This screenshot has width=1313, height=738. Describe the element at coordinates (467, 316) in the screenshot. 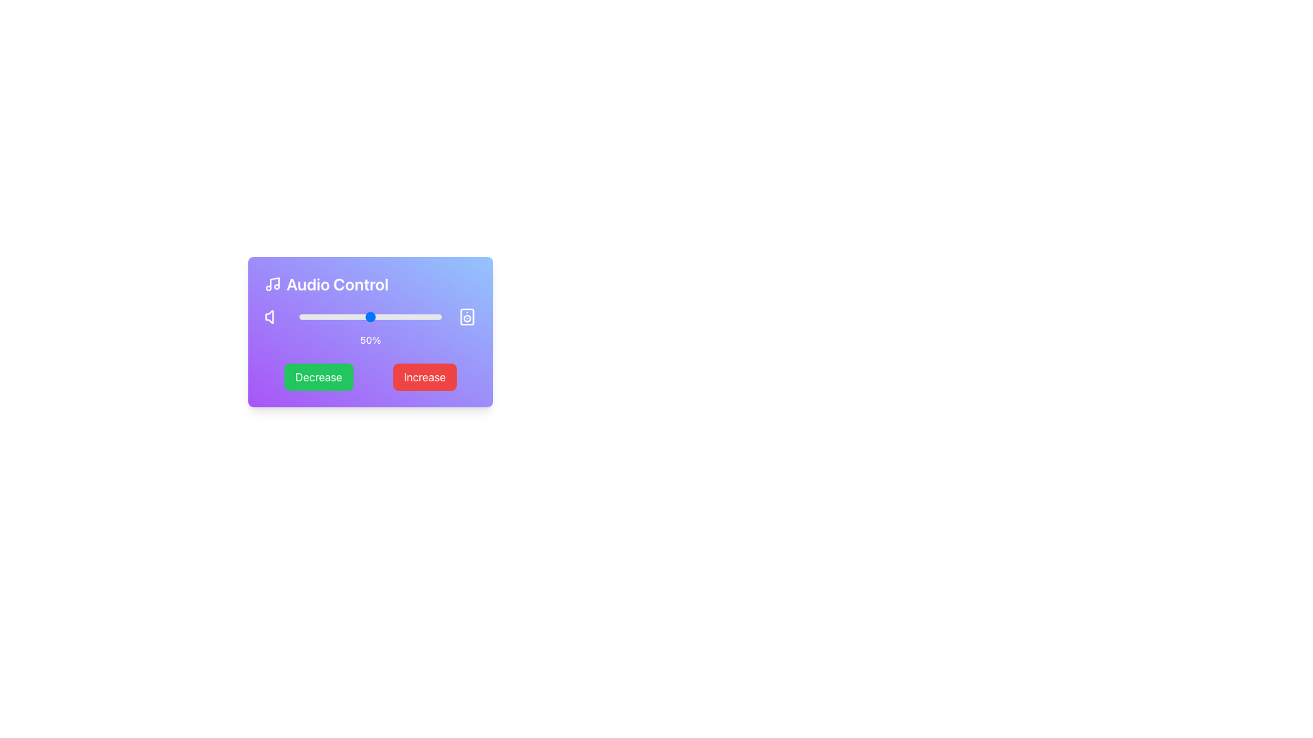

I see `the rectangular element with rounded corners inside the speaker icon located at the top-right section of the interface` at that location.